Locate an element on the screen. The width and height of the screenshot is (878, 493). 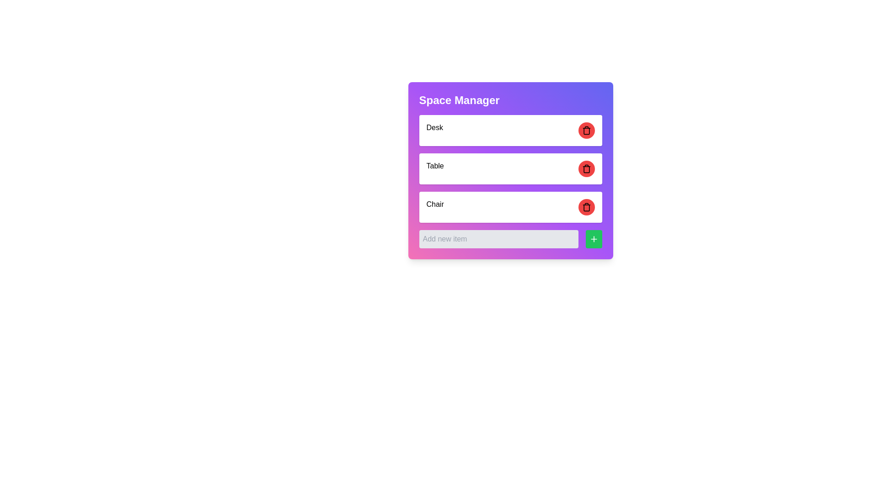
the static text label reading 'Chair' is located at coordinates (434, 207).